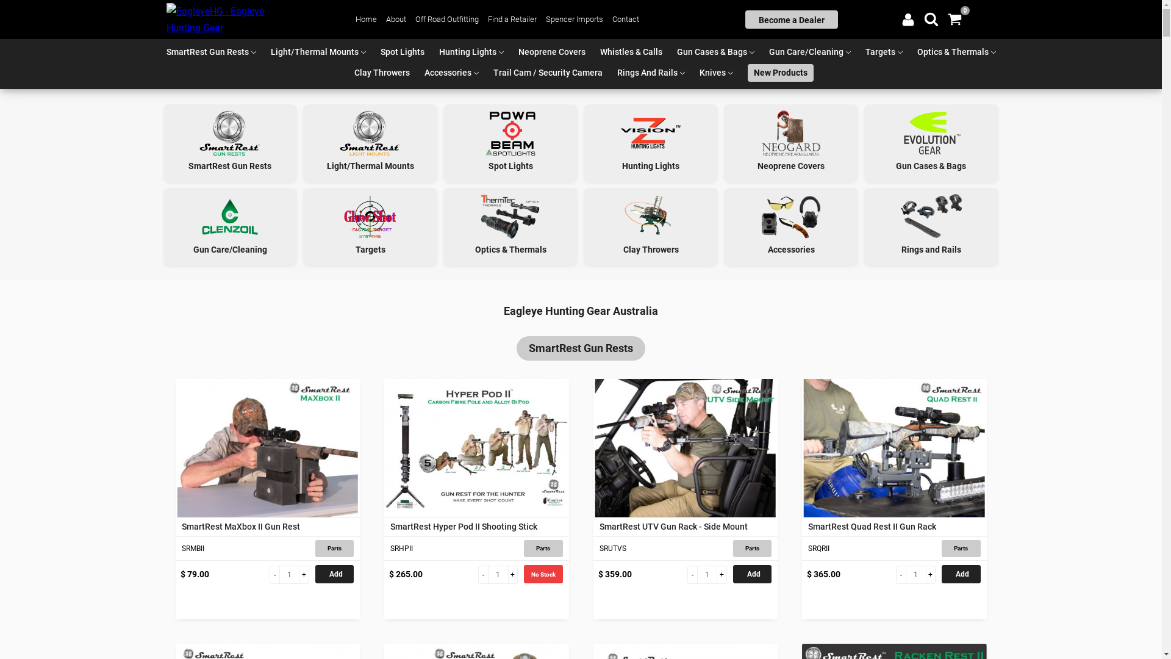  I want to click on 'SmartRest MaXbox II Gun Rest', so click(267, 448).